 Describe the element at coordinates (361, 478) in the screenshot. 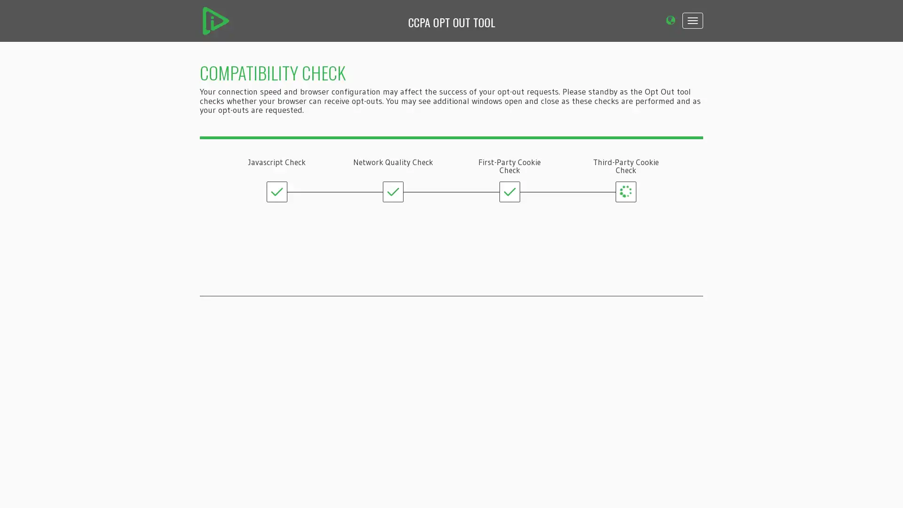

I see `UNDERSTAND YOUR REQUESTS` at that location.